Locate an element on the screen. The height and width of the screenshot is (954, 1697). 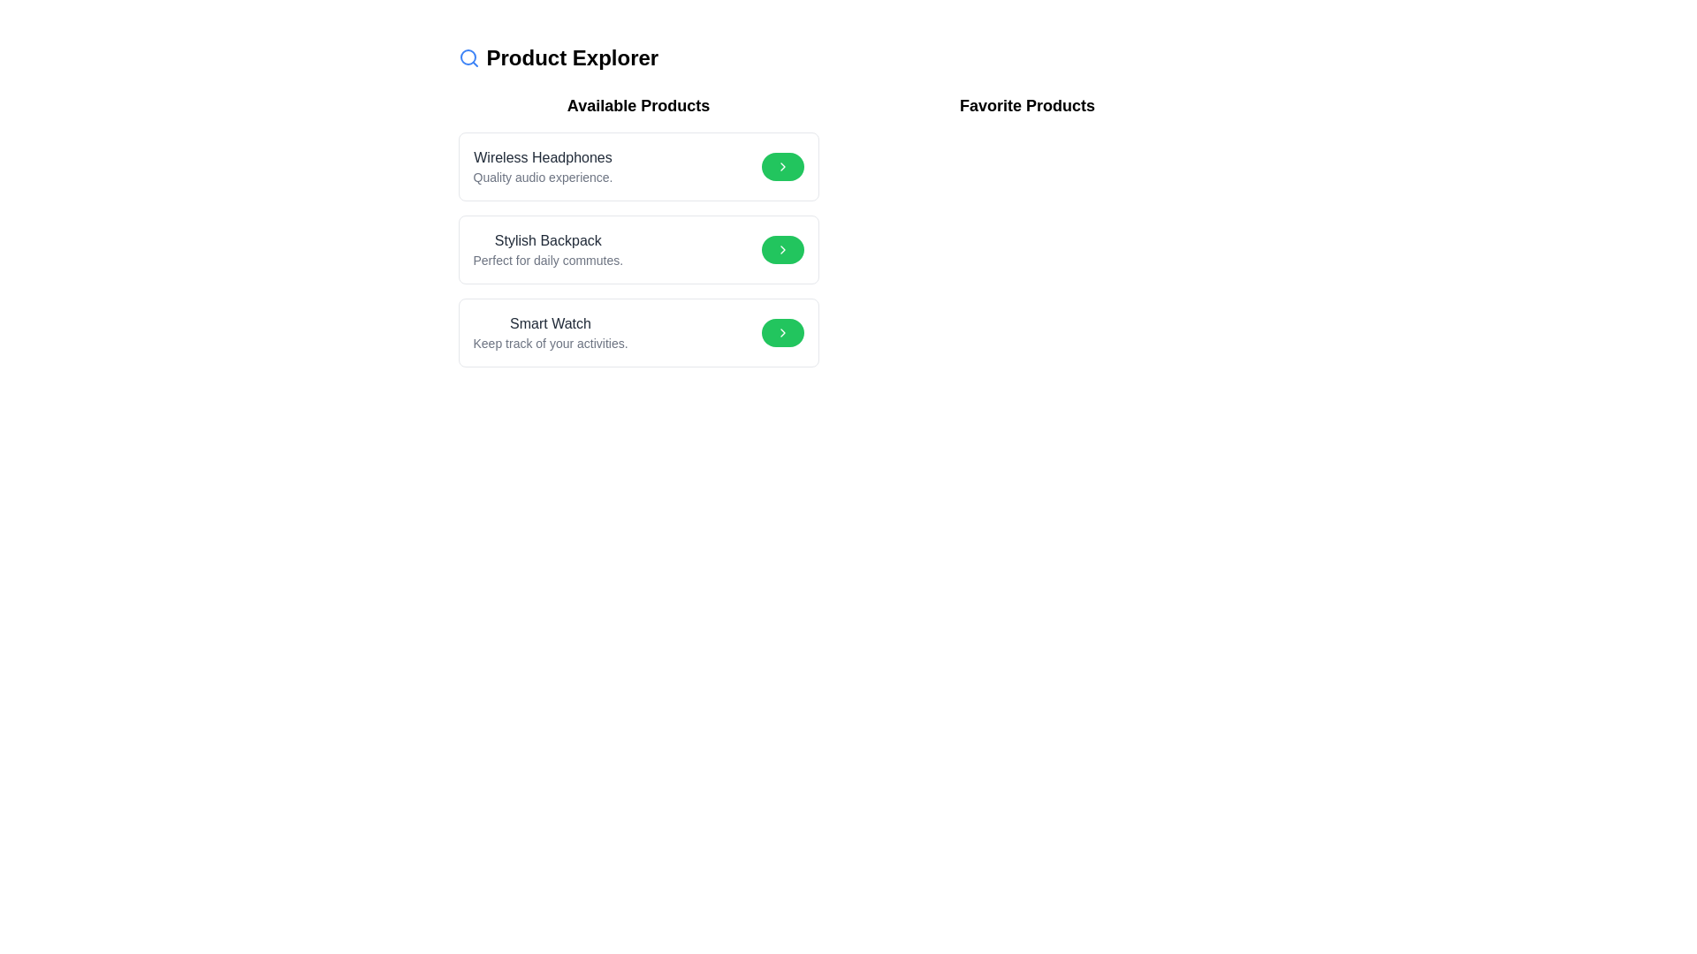
the static text label displaying the product title and description located at the top of the product listing under 'Available Products' is located at coordinates (542, 167).